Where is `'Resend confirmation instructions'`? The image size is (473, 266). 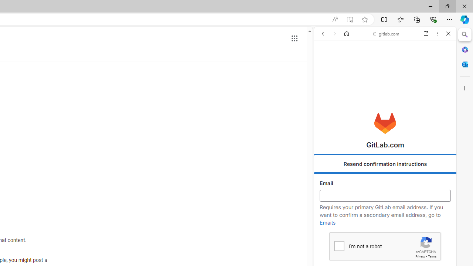
'Resend confirmation instructions' is located at coordinates (385, 164).